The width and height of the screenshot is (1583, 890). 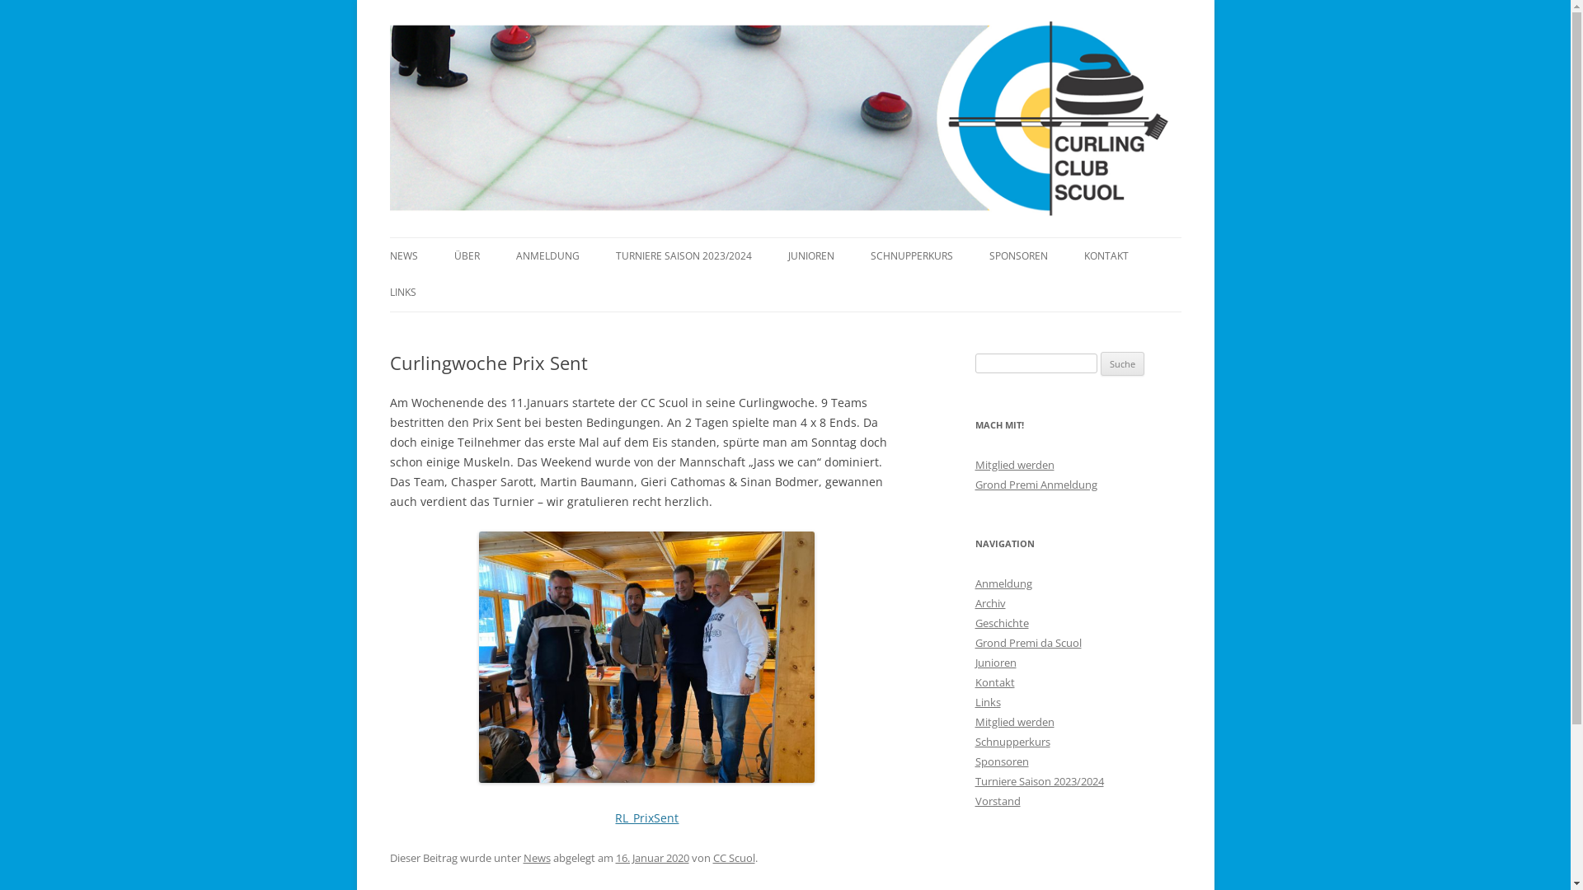 I want to click on 'JUNIOREN', so click(x=787, y=256).